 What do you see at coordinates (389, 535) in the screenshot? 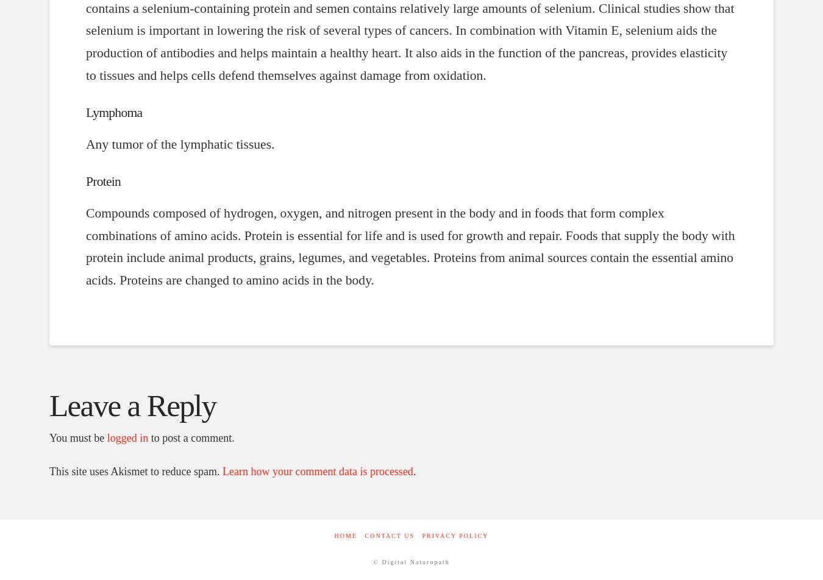
I see `'Contact Us'` at bounding box center [389, 535].